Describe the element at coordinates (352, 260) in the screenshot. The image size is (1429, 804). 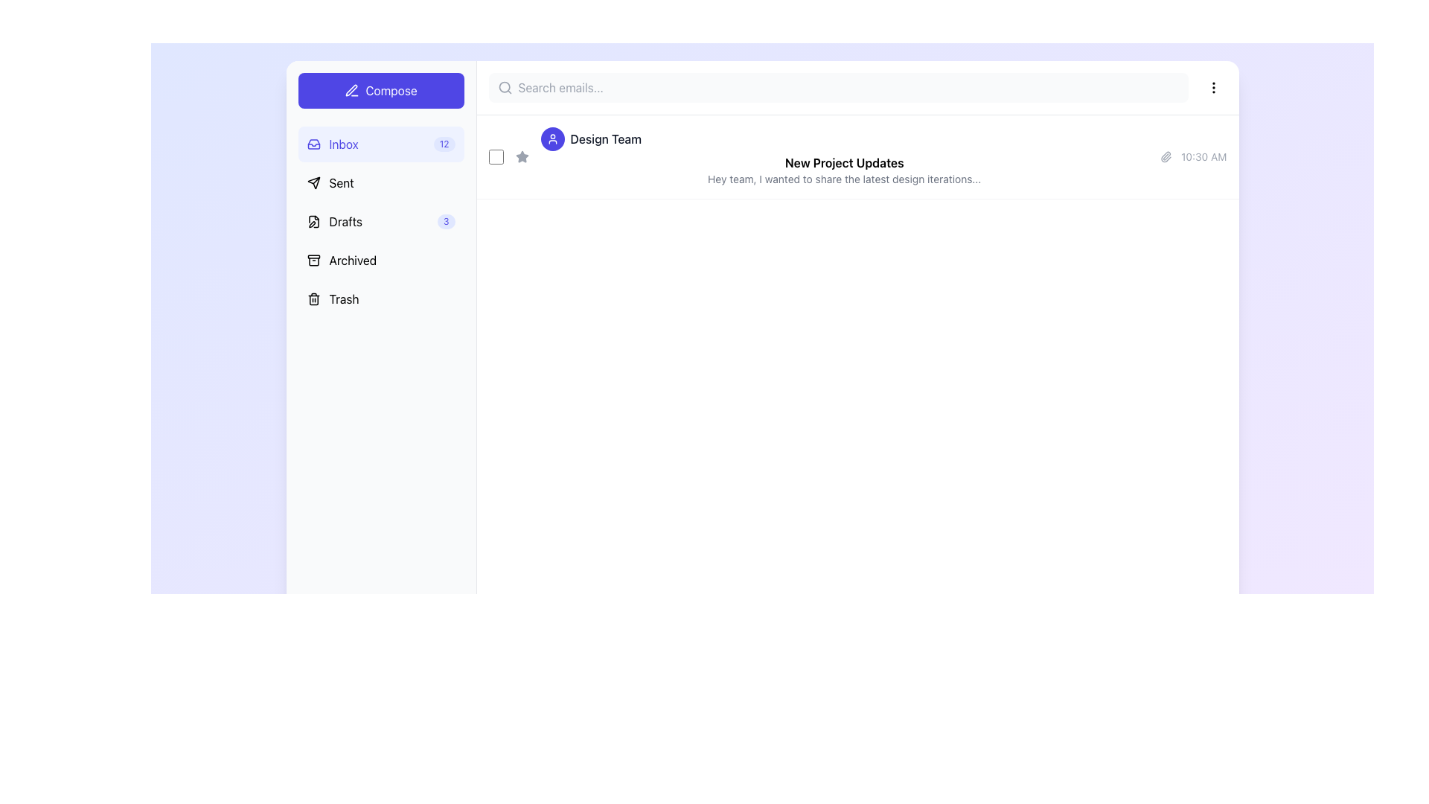
I see `the 'Archived' label in the vertical navigation menu` at that location.